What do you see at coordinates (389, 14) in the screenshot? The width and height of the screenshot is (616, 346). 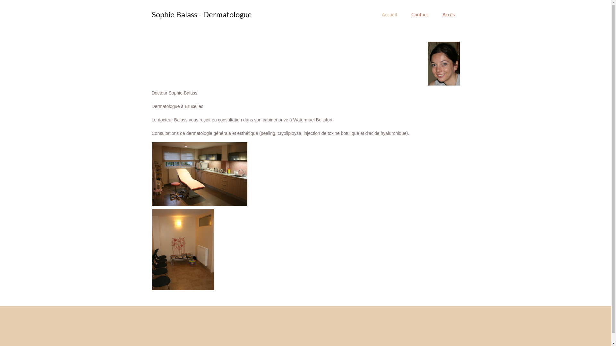 I see `'Accueil'` at bounding box center [389, 14].